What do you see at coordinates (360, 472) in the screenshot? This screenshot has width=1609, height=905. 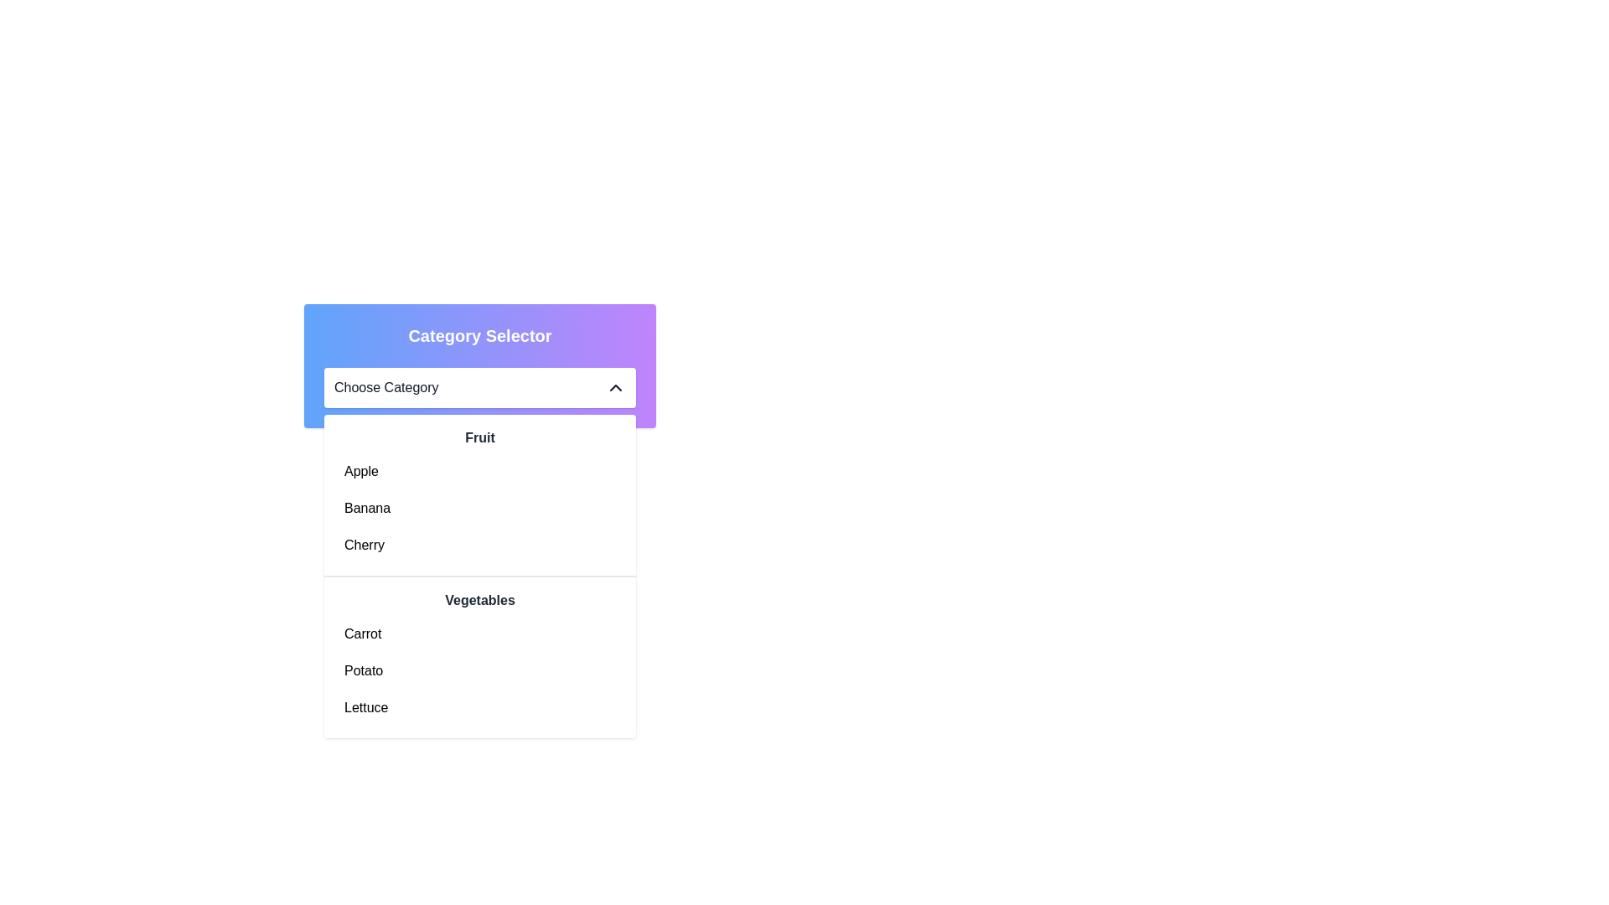 I see `the 'Apple' option in the Fruit category selection dropdown menu` at bounding box center [360, 472].